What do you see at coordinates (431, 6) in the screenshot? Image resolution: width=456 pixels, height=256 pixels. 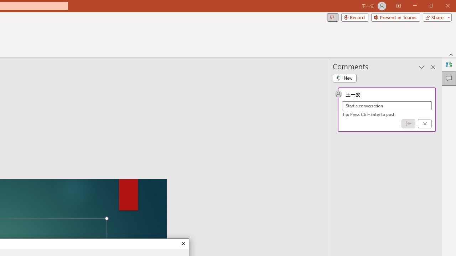 I see `'Restore Down'` at bounding box center [431, 6].